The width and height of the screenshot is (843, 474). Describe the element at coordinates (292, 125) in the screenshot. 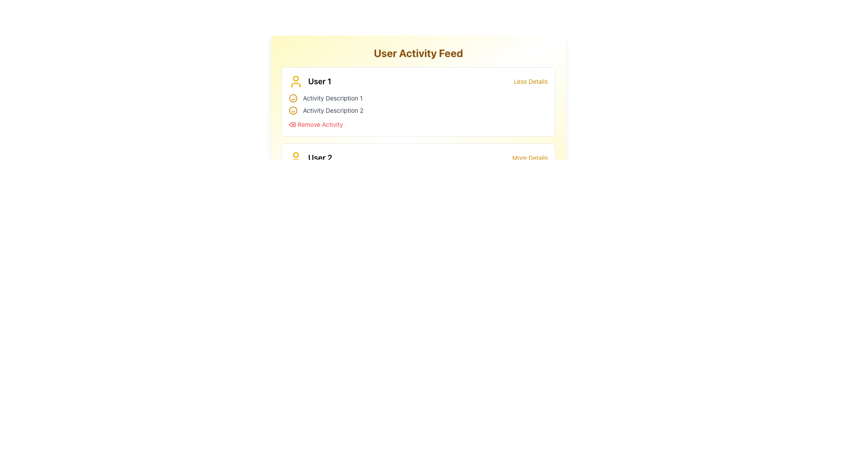

I see `the interactive icon representing the 'Remove Activity' action, which is located to the left of the text labeled 'Remove Activity'` at that location.